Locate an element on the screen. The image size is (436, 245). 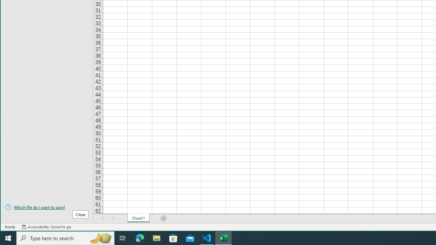
'Start' is located at coordinates (8, 238).